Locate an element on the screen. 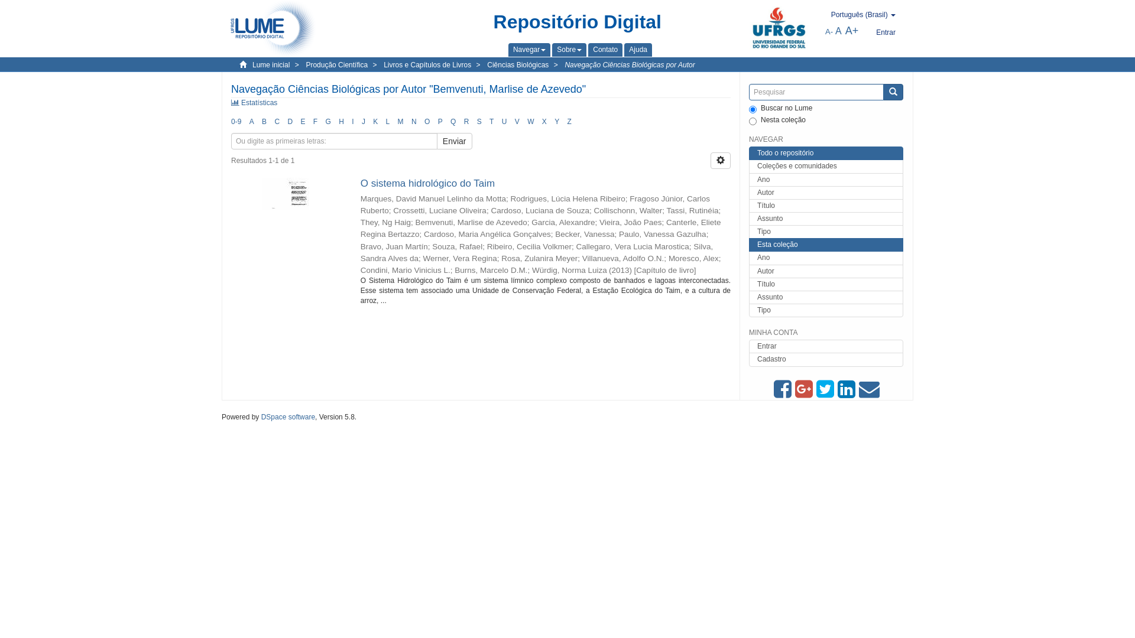 The height and width of the screenshot is (638, 1135). 'Ano' is located at coordinates (825, 180).